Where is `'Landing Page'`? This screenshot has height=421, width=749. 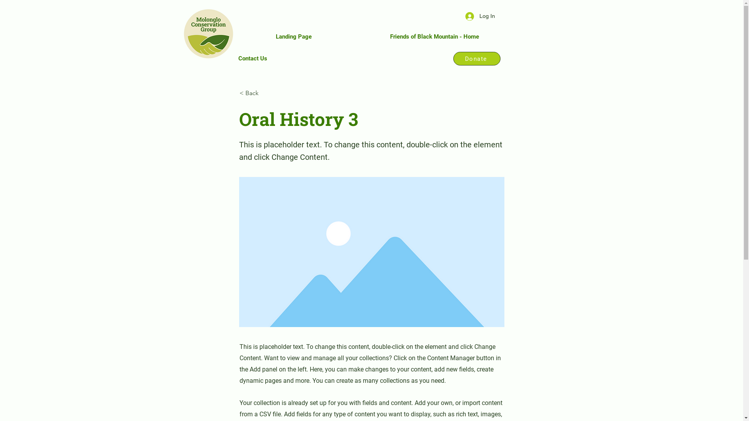 'Landing Page' is located at coordinates (293, 36).